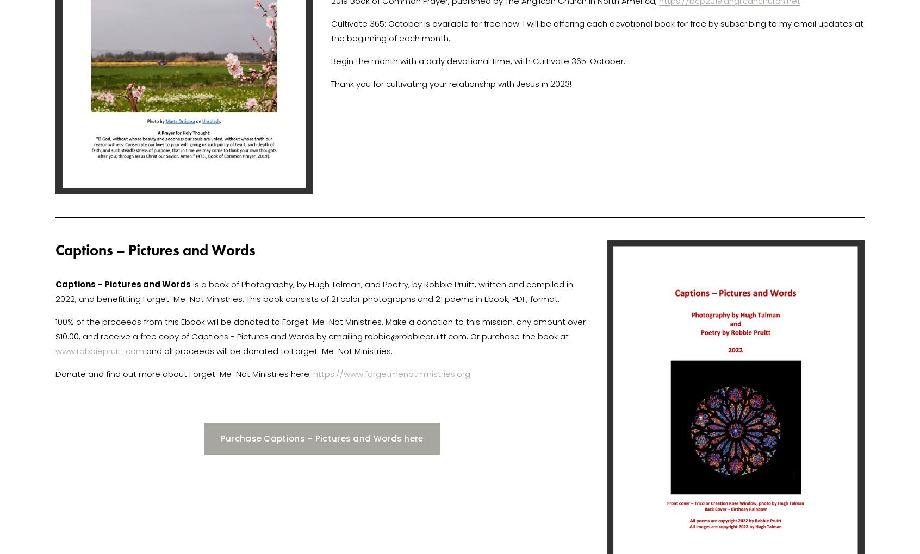 The image size is (920, 554). Describe the element at coordinates (320, 328) in the screenshot. I see `'100% of the proceeds from this Ebook will be donated to Forget-Me-Not Ministries. Make a donation to this mission, any amount over $10.00, and receive a free copy of Captions - Pictures and Words by emailing robbie@robbiepruitt.com. Or purchase the book at'` at that location.